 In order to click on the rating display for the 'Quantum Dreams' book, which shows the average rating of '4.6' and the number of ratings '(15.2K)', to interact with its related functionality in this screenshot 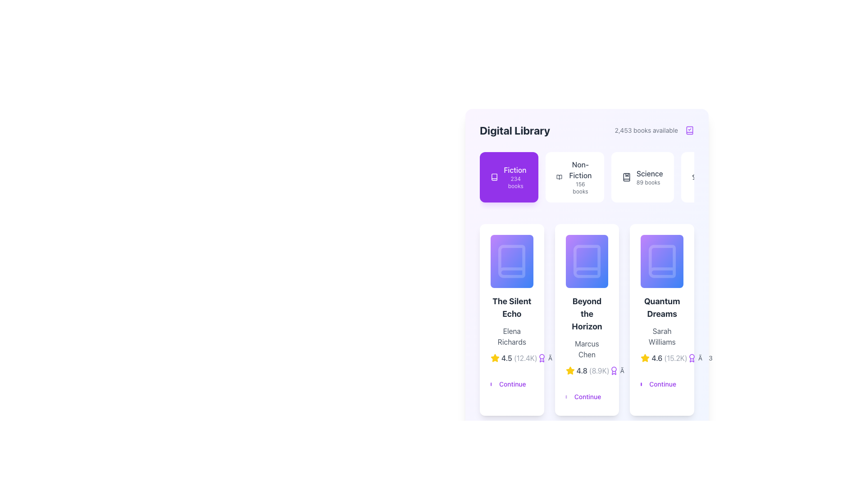, I will do `click(662, 358)`.